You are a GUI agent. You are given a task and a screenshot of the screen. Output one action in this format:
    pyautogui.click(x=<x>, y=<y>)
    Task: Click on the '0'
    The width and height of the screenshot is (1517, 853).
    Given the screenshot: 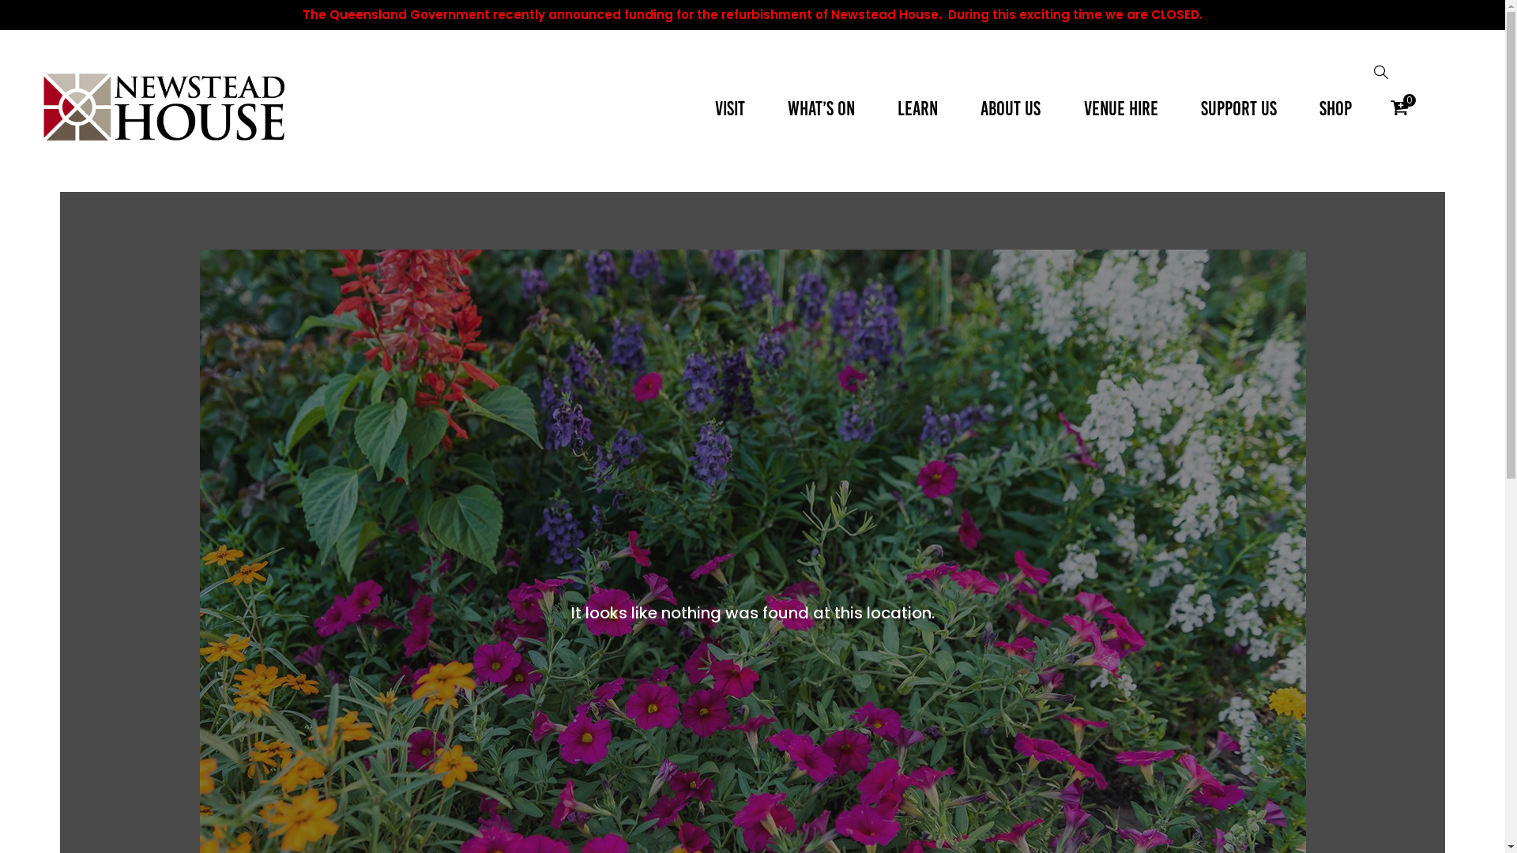 What is the action you would take?
    pyautogui.click(x=1399, y=107)
    